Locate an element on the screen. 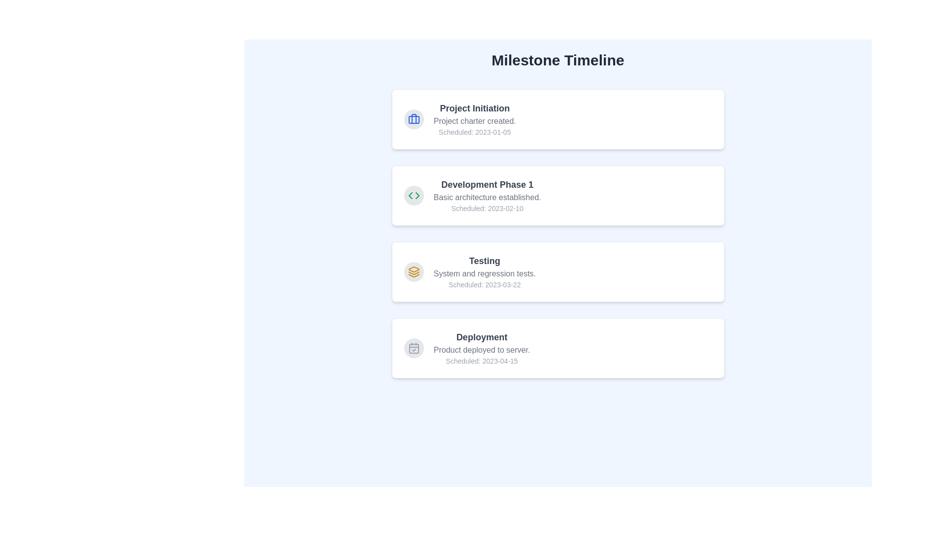 The height and width of the screenshot is (535, 951). the fourth milestone marker card in the timeline, which is located below the 'Testing' card is located at coordinates (558, 347).